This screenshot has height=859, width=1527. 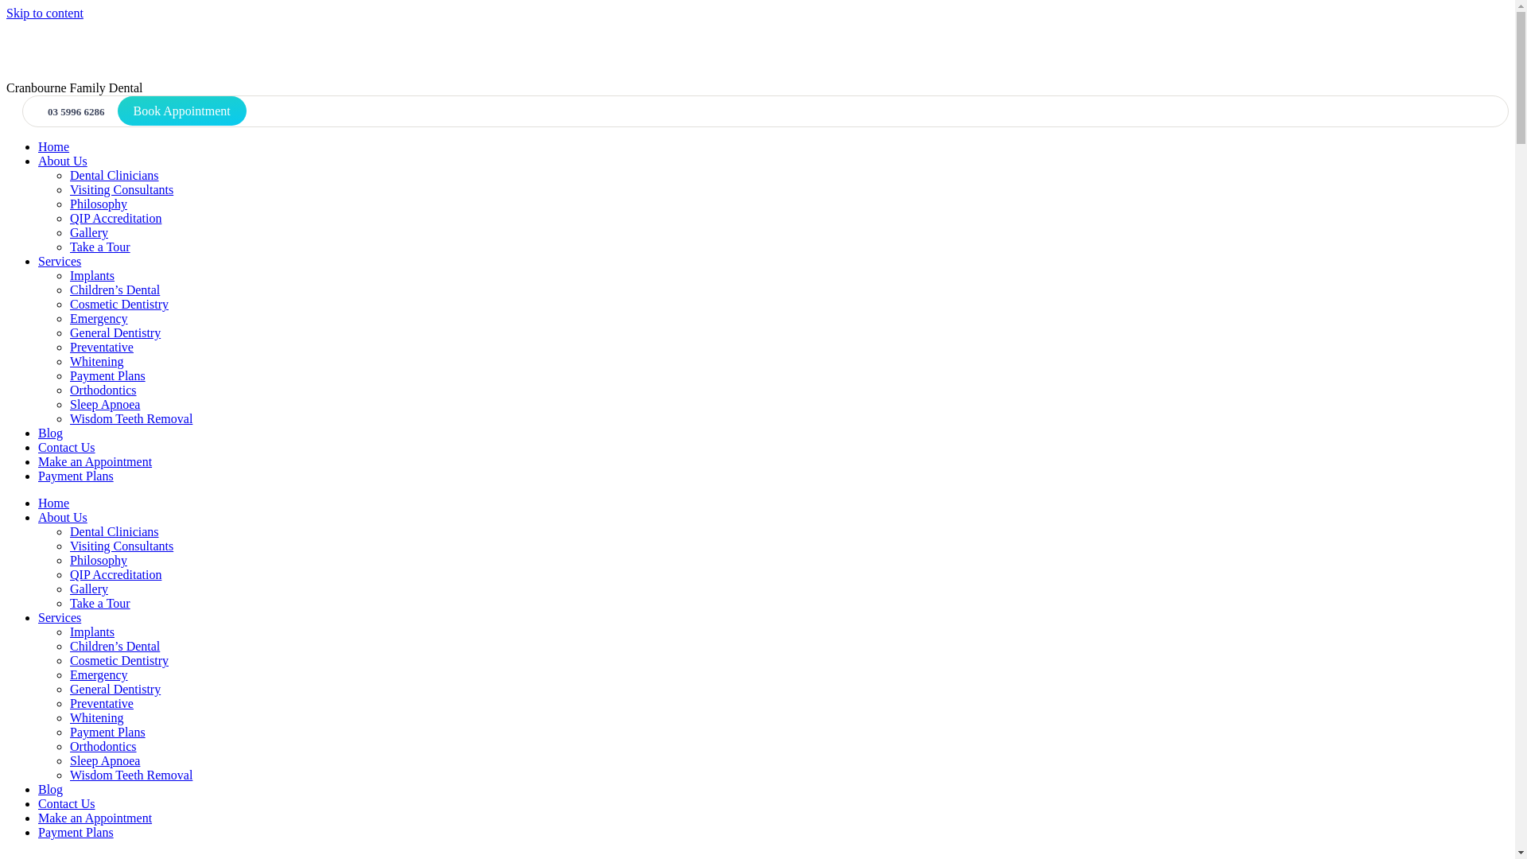 I want to click on 'Take a Tour', so click(x=99, y=603).